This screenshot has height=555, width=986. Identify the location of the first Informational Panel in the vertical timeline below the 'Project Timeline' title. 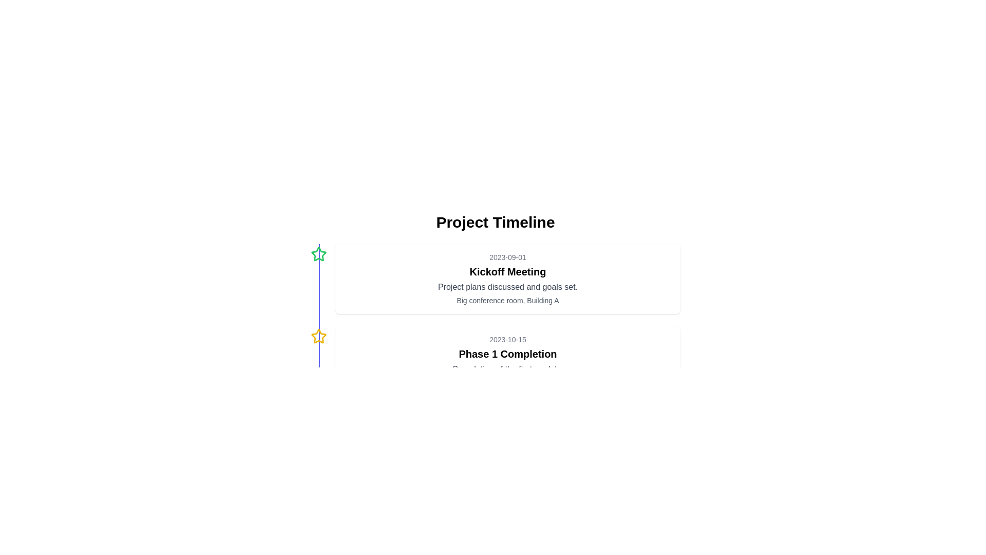
(495, 279).